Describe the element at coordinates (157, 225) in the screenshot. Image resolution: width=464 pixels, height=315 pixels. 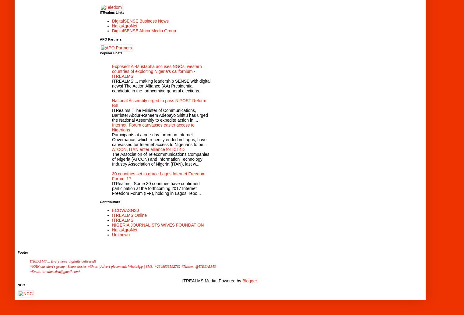
I see `'NIGERIA JOURNALISTS WIVES FOUNDATION'` at that location.